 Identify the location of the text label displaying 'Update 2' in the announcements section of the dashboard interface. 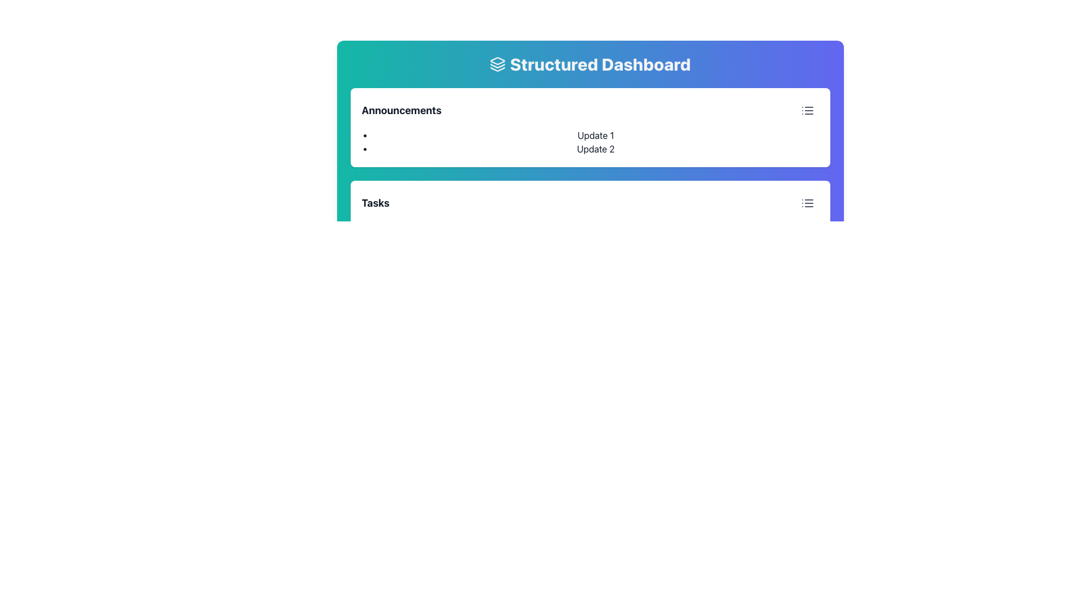
(595, 148).